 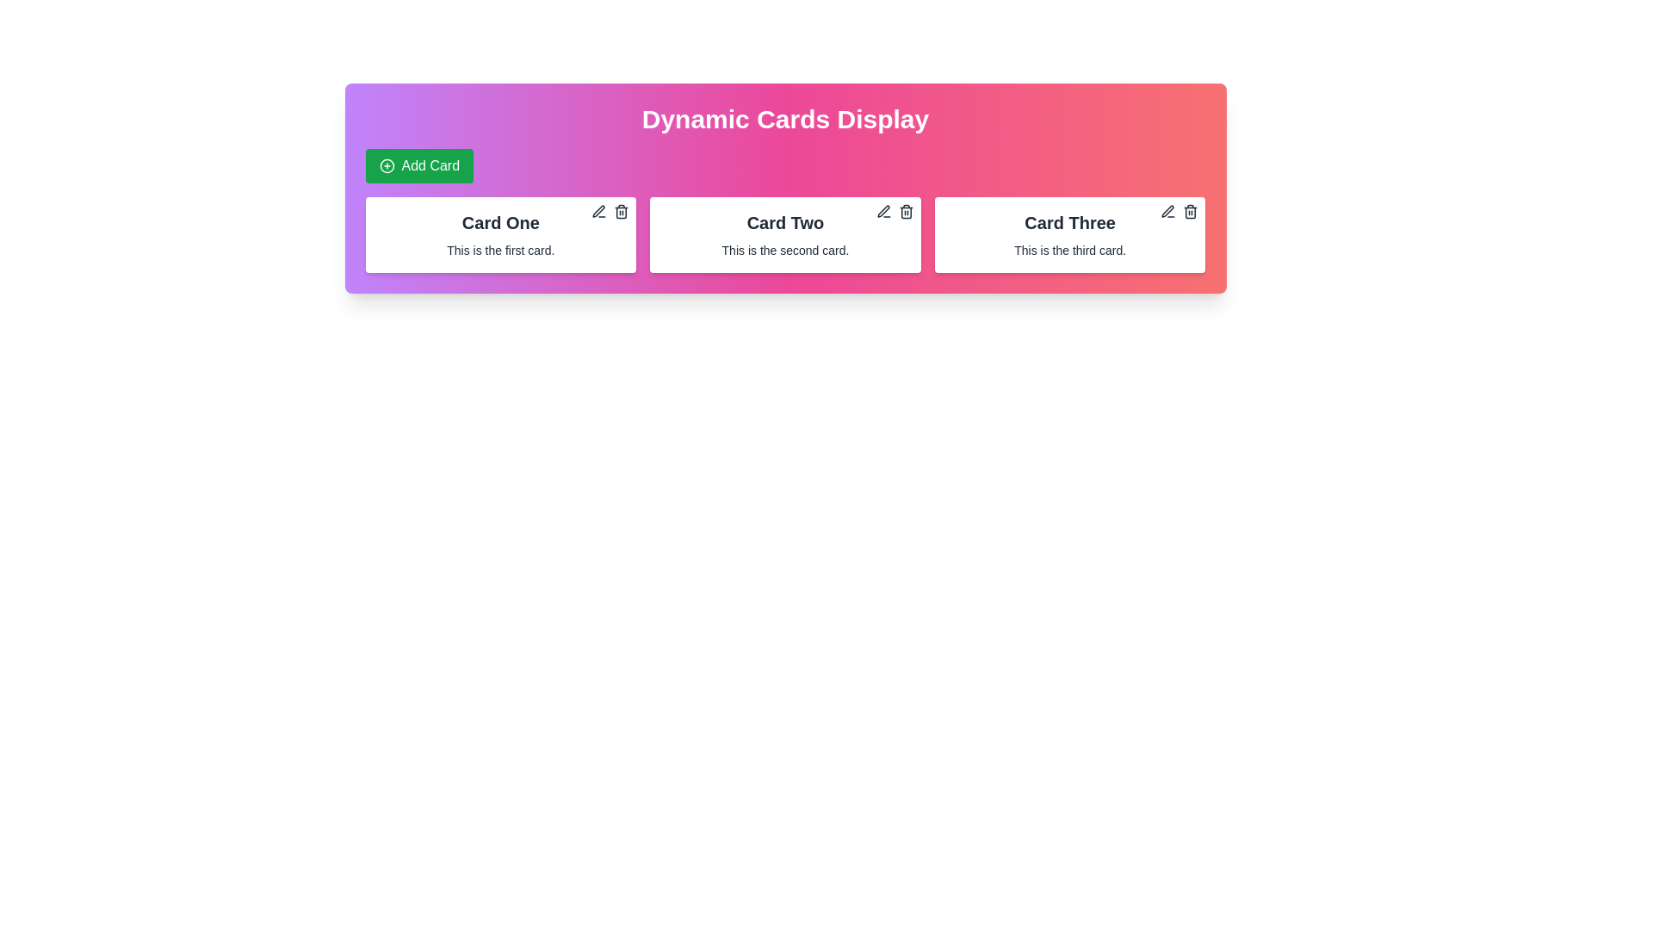 I want to click on the interactive card labeled 'Card Three', which is the third card in a row of three cards, located on the right end of the row, so click(x=1069, y=235).